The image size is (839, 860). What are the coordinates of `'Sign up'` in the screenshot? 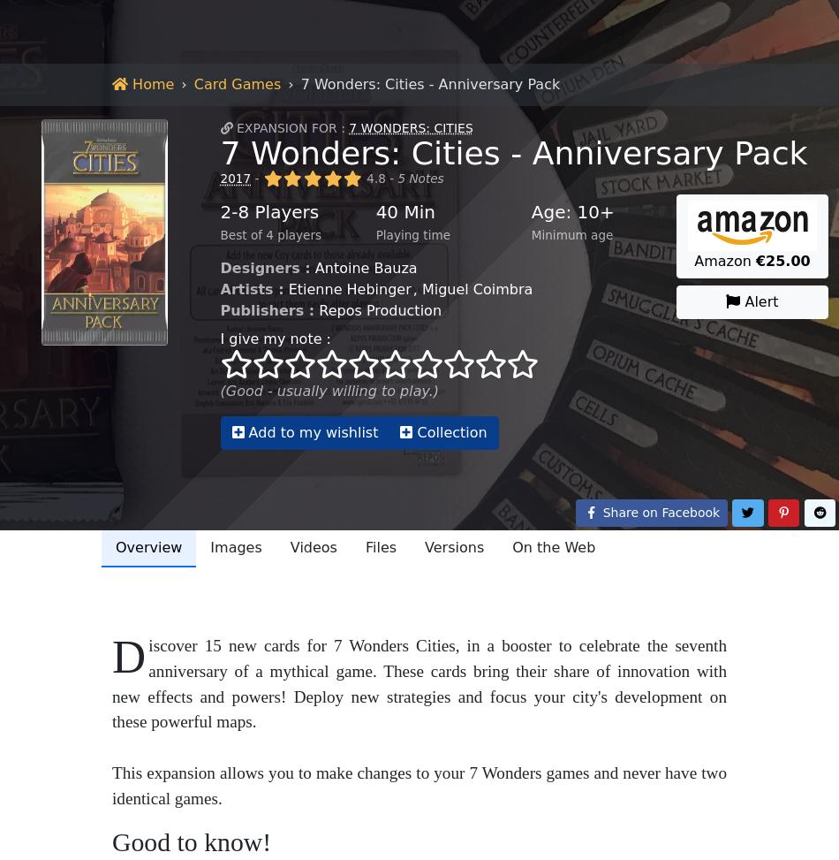 It's located at (736, 24).